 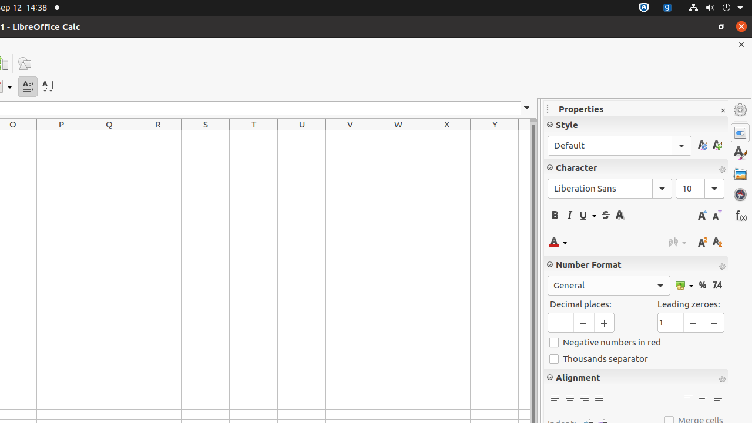 I want to click on 'Subscript', so click(x=716, y=241).